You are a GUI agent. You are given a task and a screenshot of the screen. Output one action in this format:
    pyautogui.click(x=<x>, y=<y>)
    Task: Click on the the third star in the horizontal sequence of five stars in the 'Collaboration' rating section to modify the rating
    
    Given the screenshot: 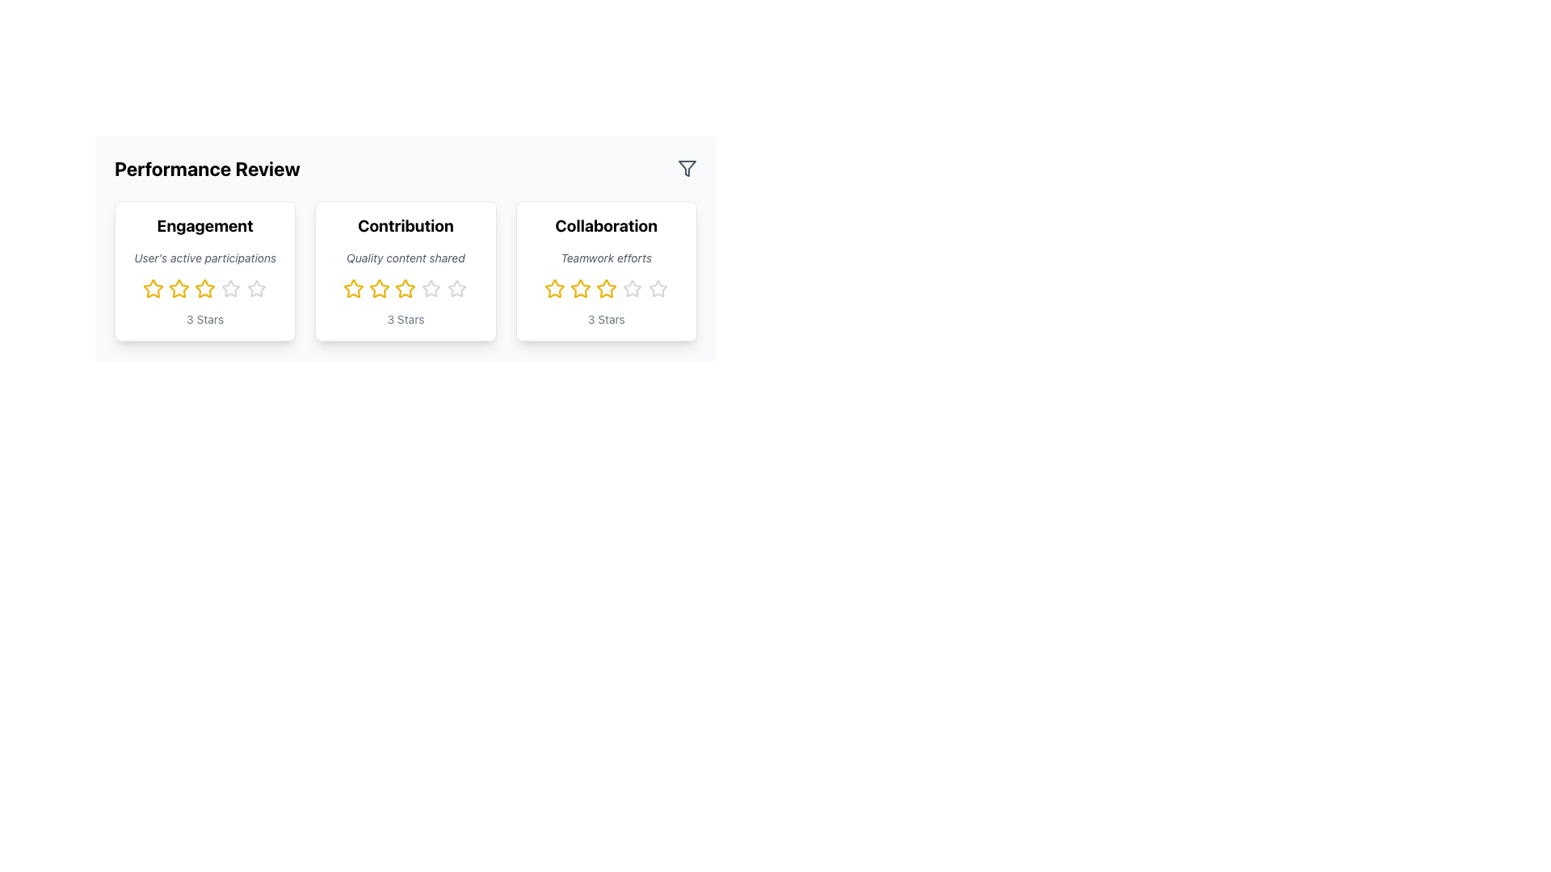 What is the action you would take?
    pyautogui.click(x=605, y=288)
    